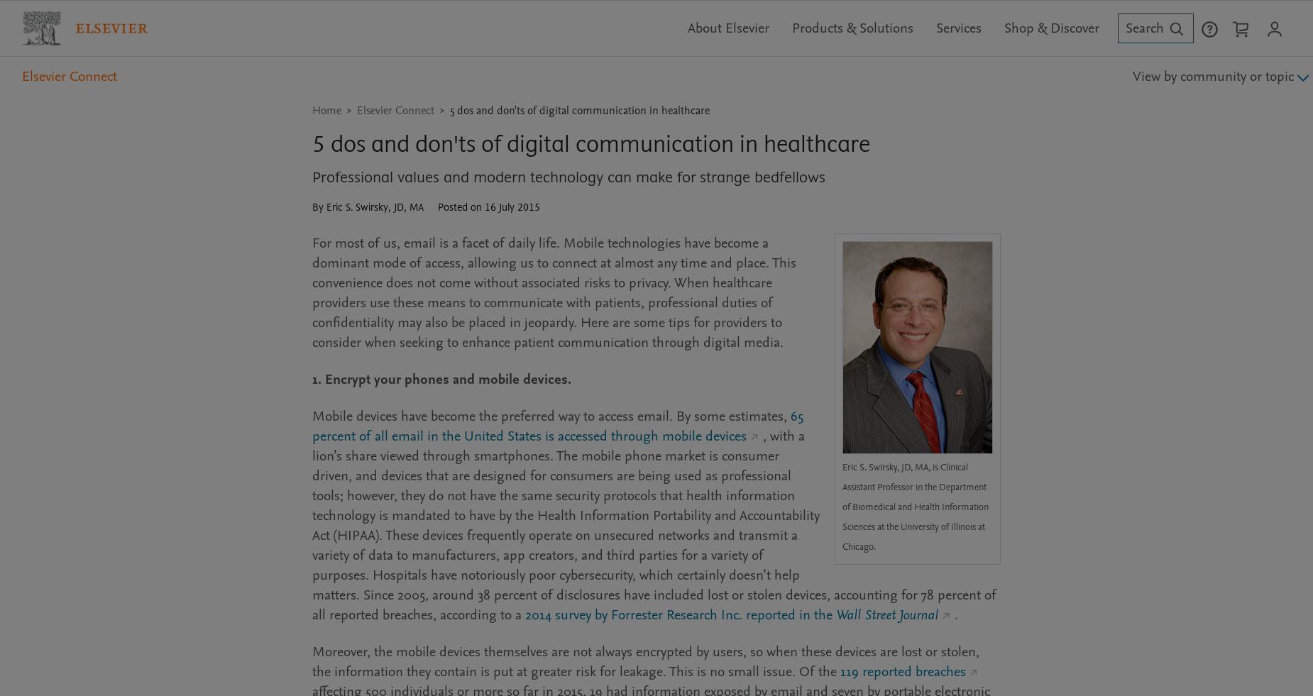 This screenshot has height=696, width=1313. Describe the element at coordinates (654, 524) in the screenshot. I see `', with a lion’s share viewed through smartphones. The mobile phone market is consumer driven, and devices that are designed for consumers are being used as professional tools; however, they do not have the same security
  protocols that health information technology is mandated to have by the Health Information Portability and Accountability Act (HIPAA). These devices frequently operate on unsecured networks and transmit a variety of data to manufacturers, app creators, and third parties for a variety of purposes. Hospitals
  have notoriously poor cybersecurity, which certainly doesn’t help matters. Since 2005, around 38 percent of disclosures have included lost or stolen devices, accounting for 78 percent of all reported breaches, according to a'` at that location.